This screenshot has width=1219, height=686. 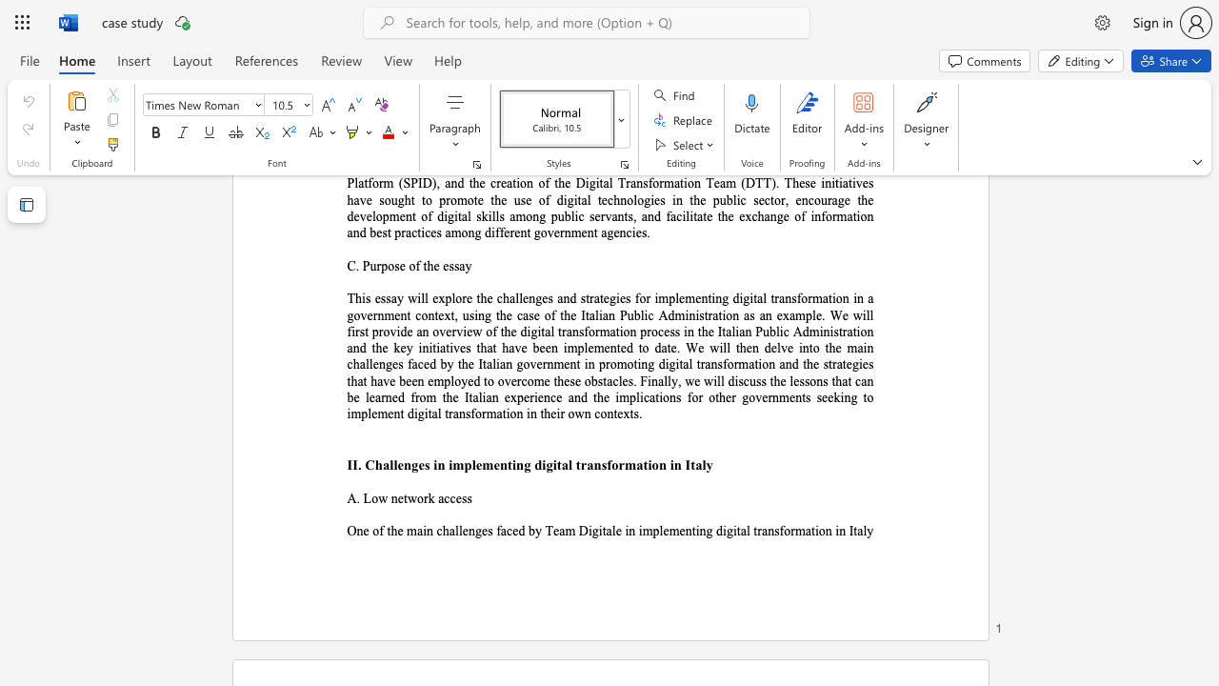 I want to click on the 1th character "L" in the text, so click(x=367, y=497).